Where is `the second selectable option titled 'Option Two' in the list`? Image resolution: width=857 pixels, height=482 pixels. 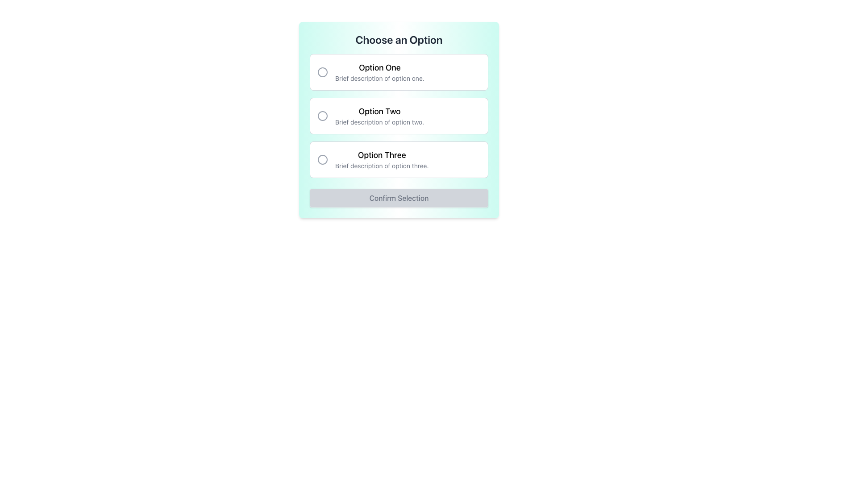 the second selectable option titled 'Option Two' in the list is located at coordinates (398, 115).